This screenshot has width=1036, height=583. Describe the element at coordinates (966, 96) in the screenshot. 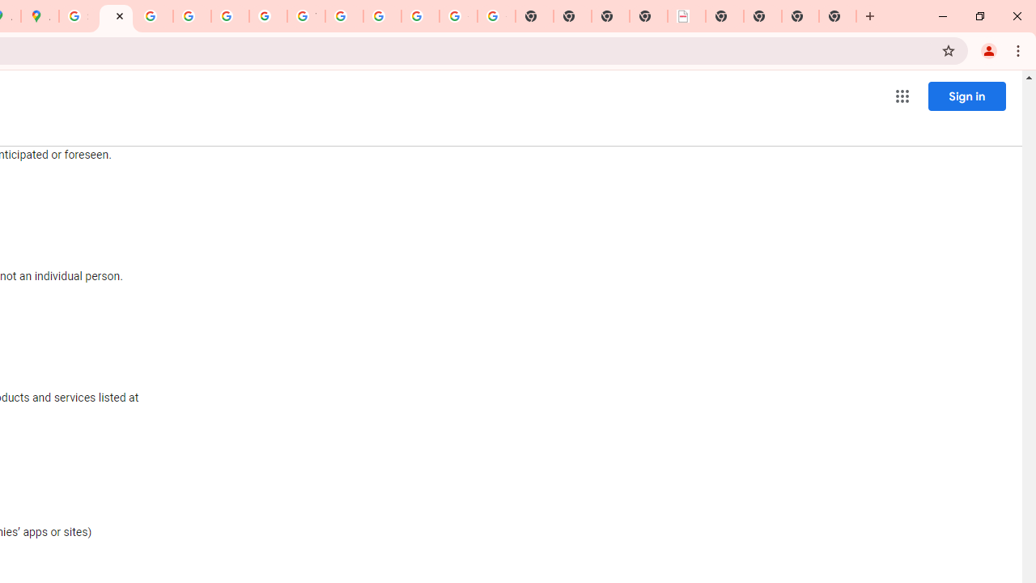

I see `'Sign in'` at that location.